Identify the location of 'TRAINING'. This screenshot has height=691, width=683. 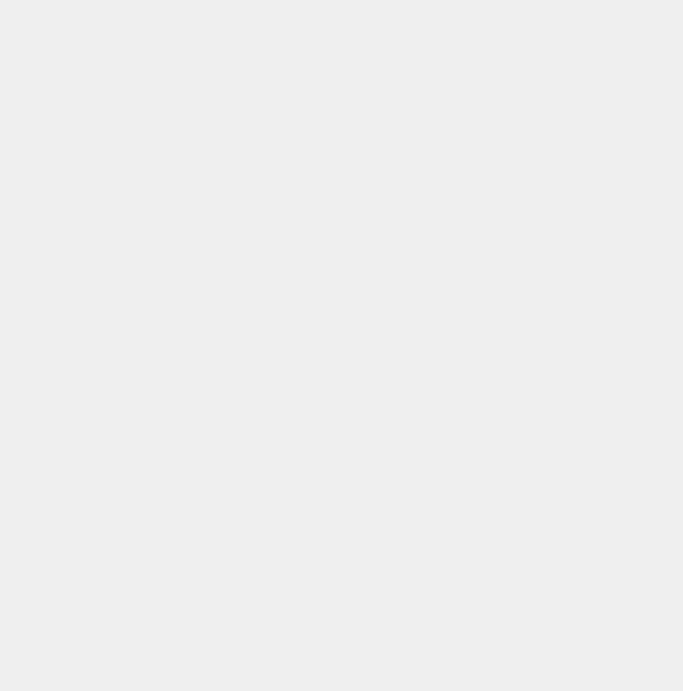
(72, 64).